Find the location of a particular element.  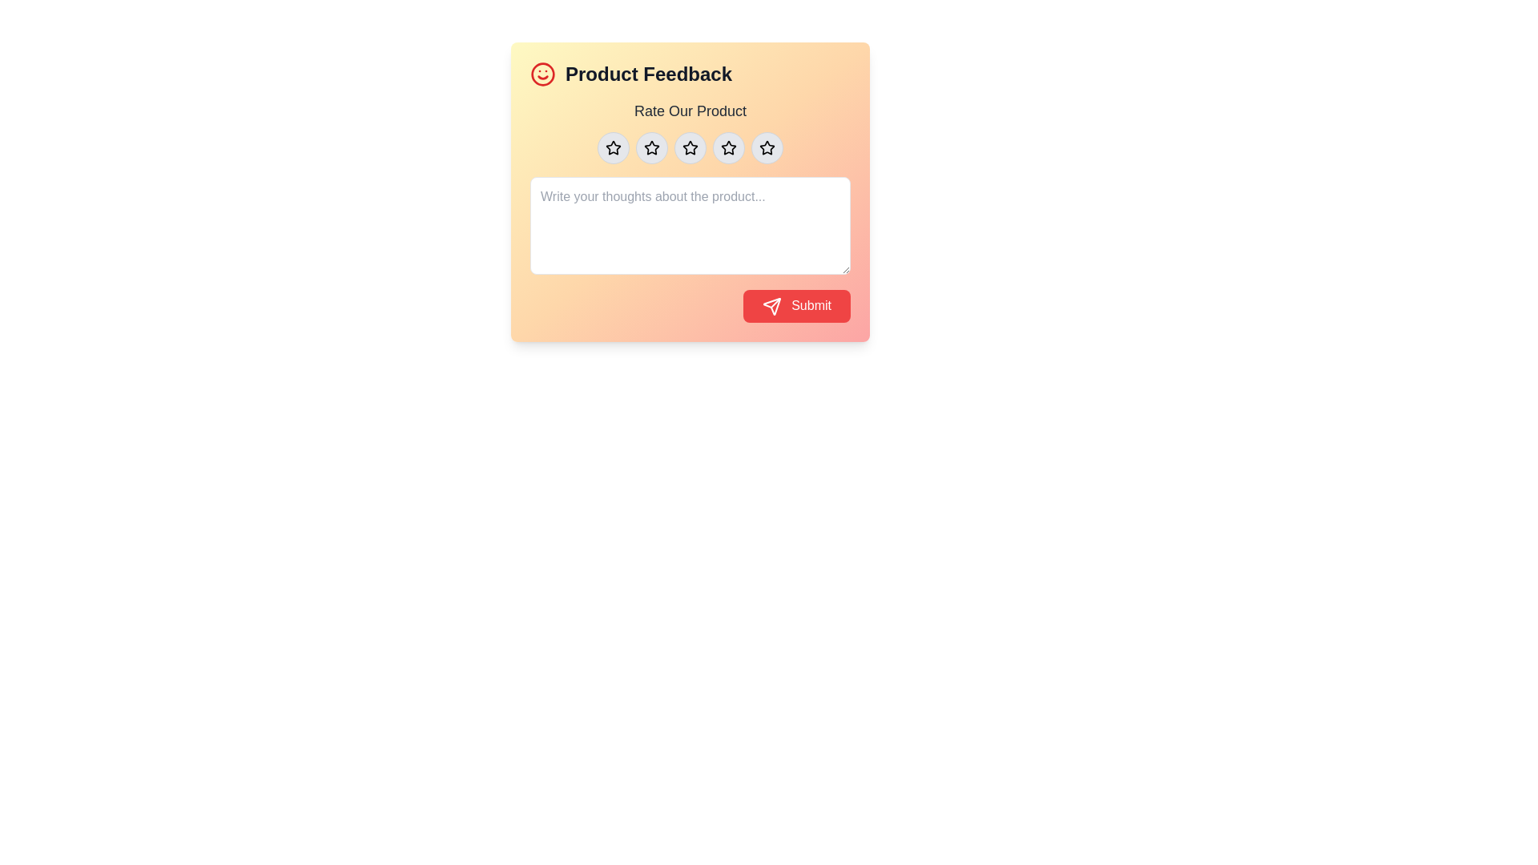

the fifth star icon in the rating system is located at coordinates (767, 147).